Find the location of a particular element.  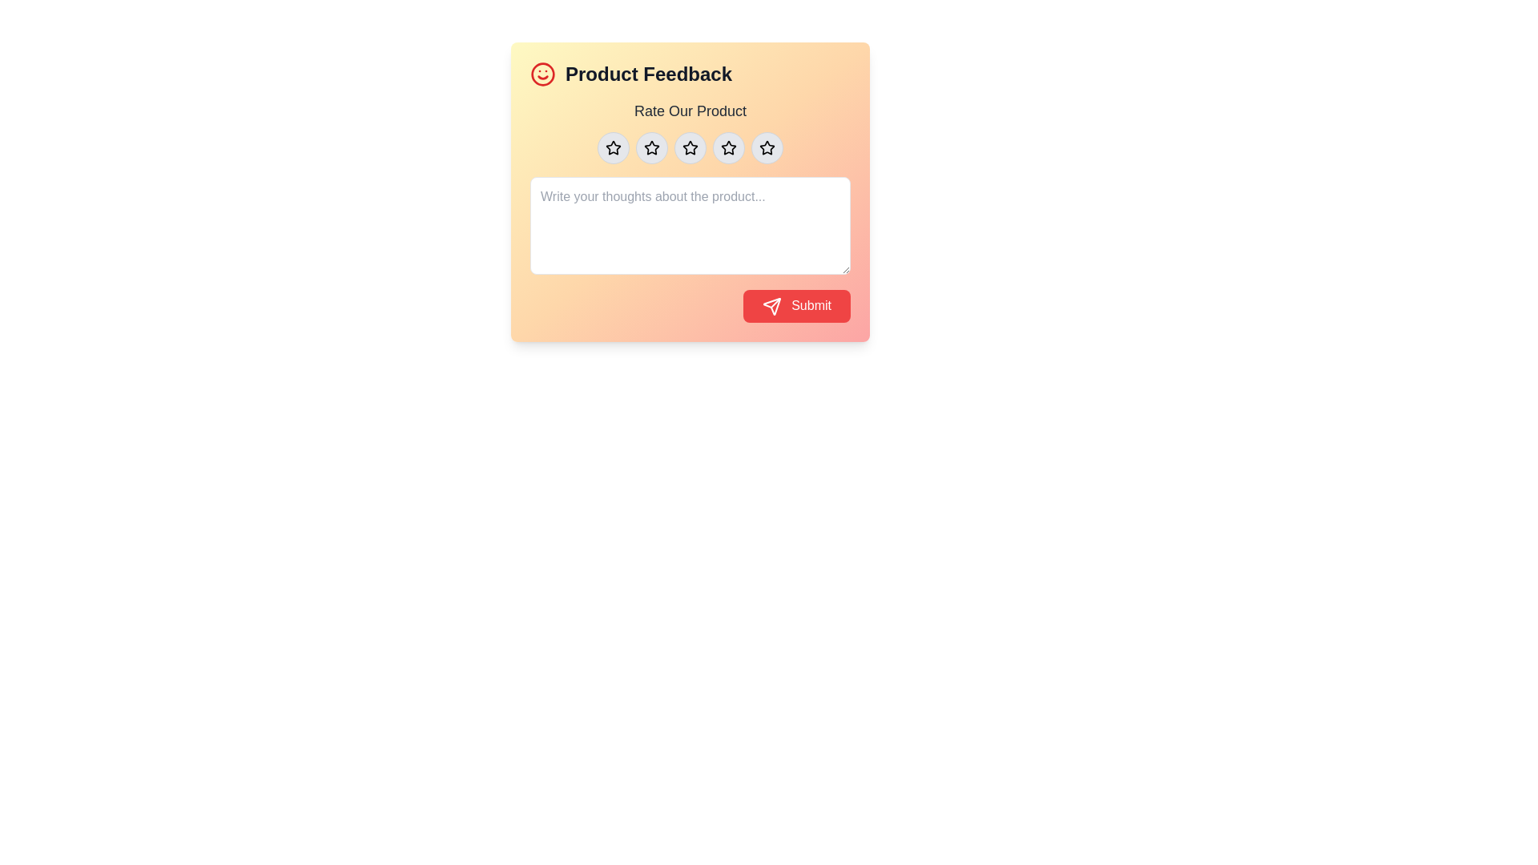

the fifth star icon in the rating system is located at coordinates (767, 147).